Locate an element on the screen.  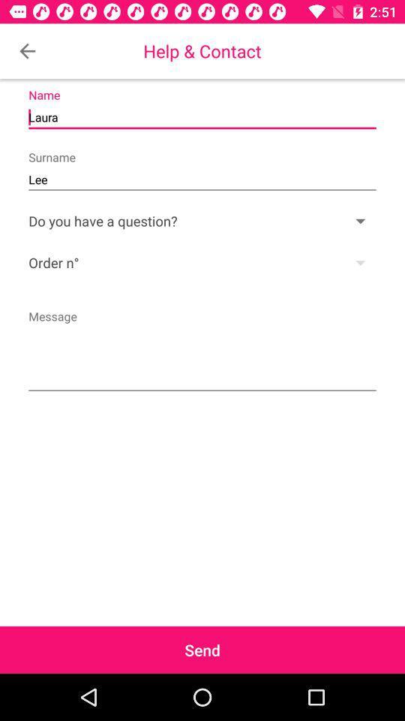
a messasge is located at coordinates (202, 349).